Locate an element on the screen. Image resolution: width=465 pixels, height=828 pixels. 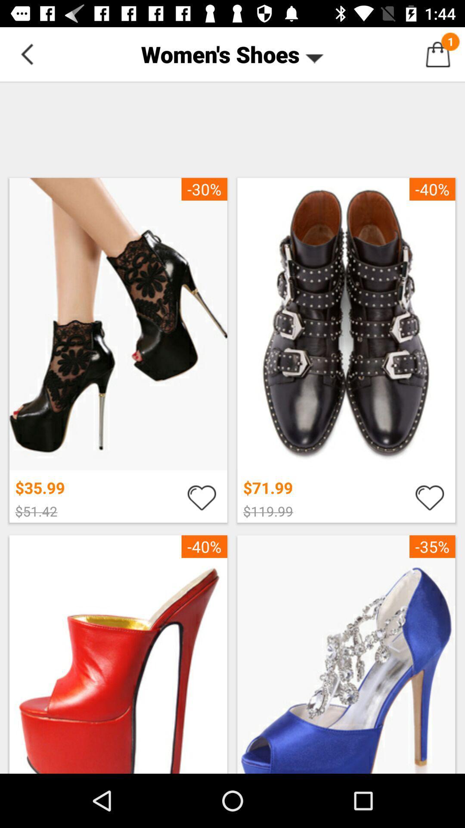
this heart to favorite a specific item is located at coordinates (430, 497).